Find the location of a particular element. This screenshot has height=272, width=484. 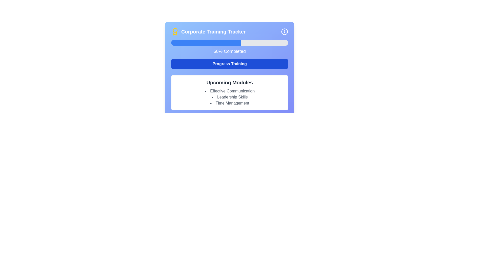

the button centered in the card layout that initiates or continues training progression is located at coordinates (229, 64).